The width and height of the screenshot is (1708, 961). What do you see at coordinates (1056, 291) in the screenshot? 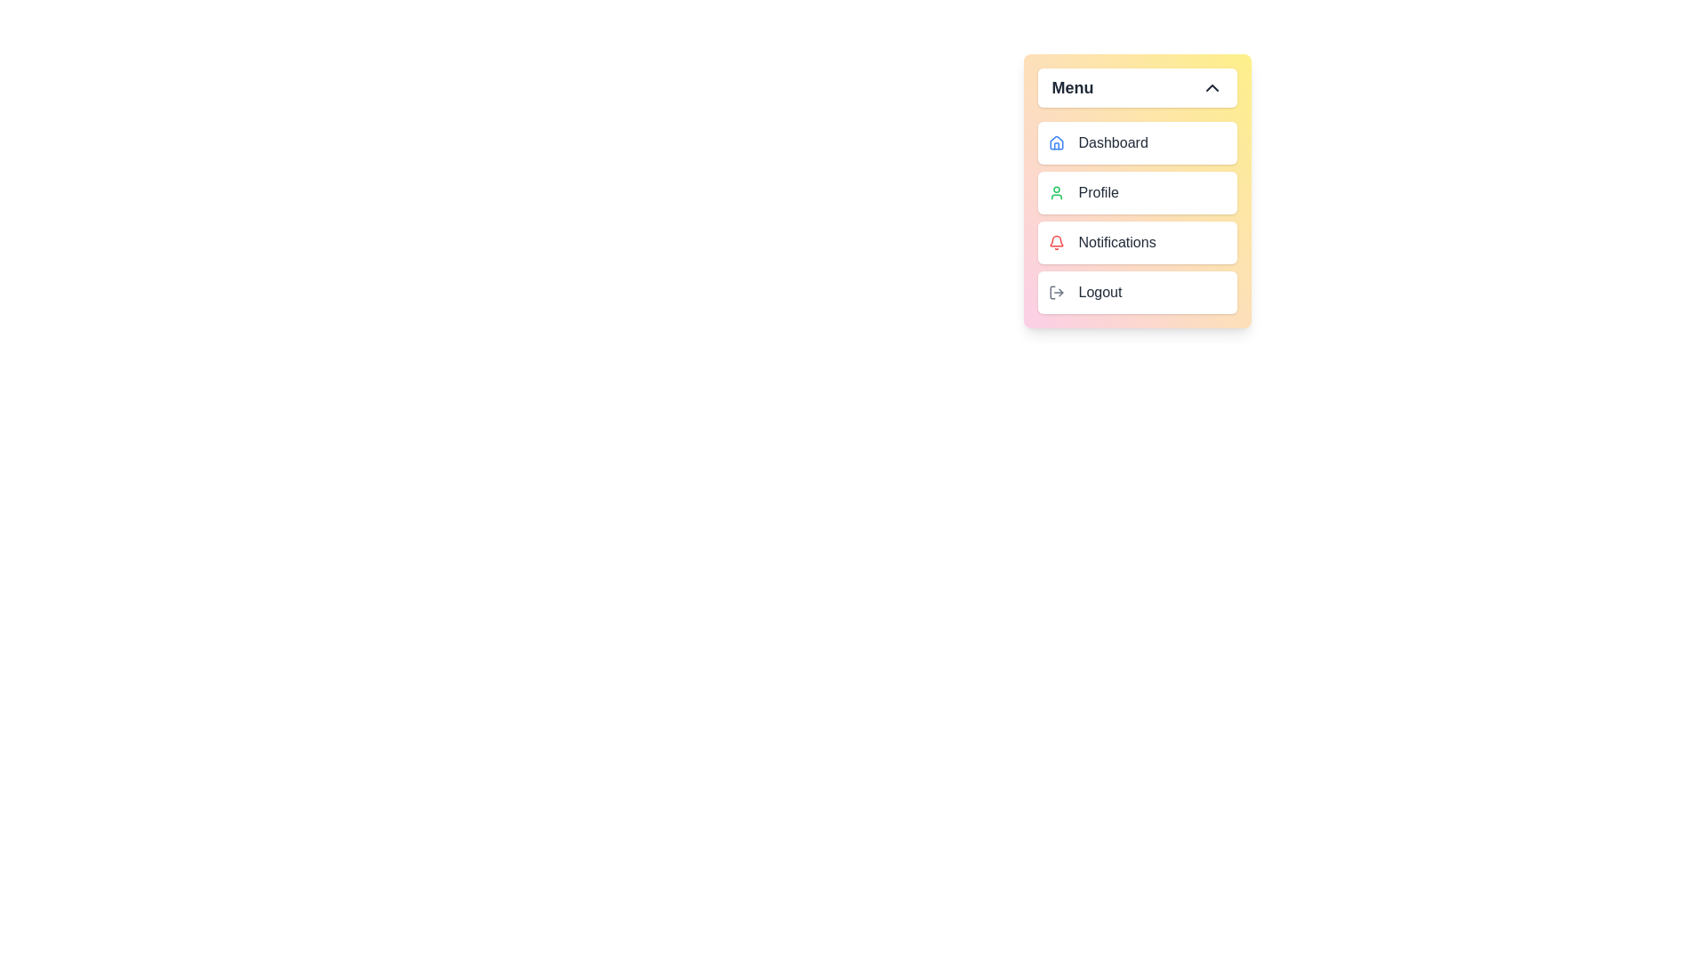
I see `the icon of the menu item labeled Logout` at bounding box center [1056, 291].